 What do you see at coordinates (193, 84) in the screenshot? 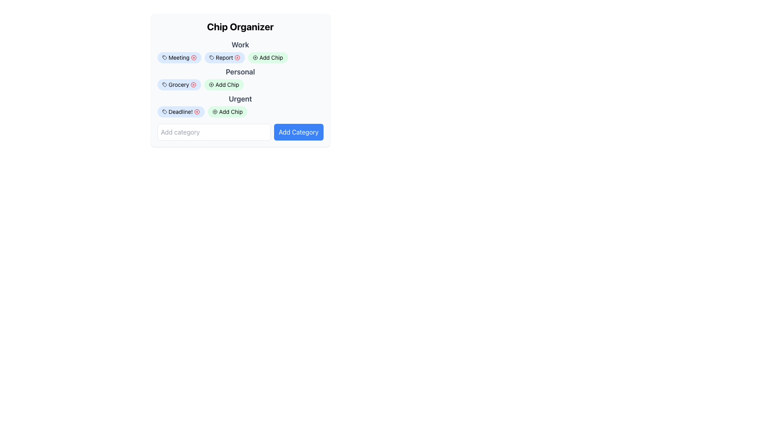
I see `the Close/Delete Button` at bounding box center [193, 84].